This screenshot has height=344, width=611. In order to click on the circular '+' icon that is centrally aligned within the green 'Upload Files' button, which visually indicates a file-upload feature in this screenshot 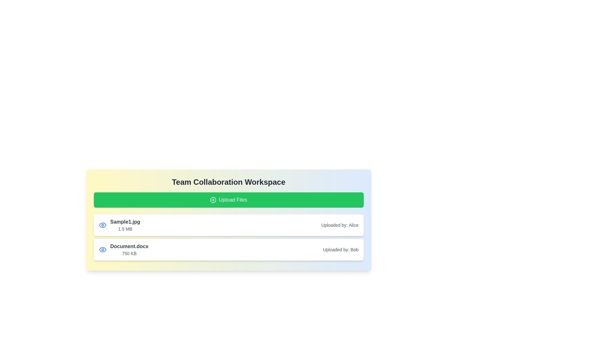, I will do `click(213, 200)`.